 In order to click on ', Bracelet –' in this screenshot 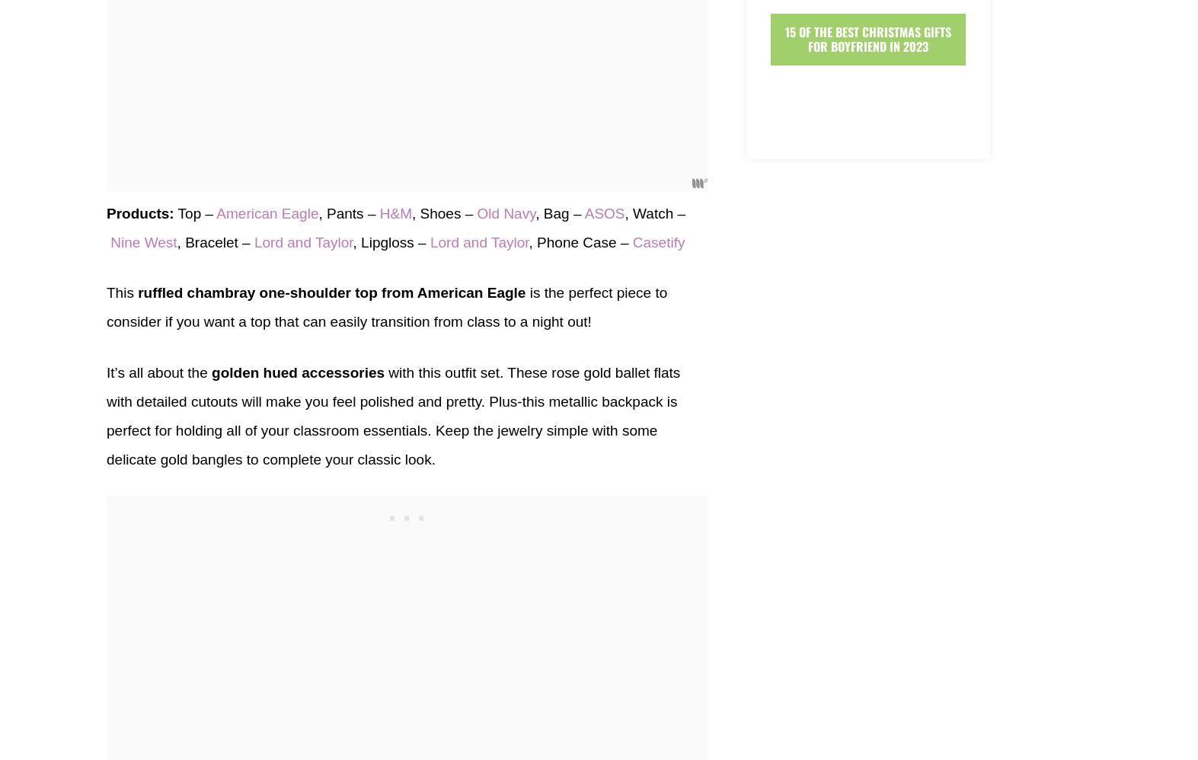, I will do `click(215, 241)`.